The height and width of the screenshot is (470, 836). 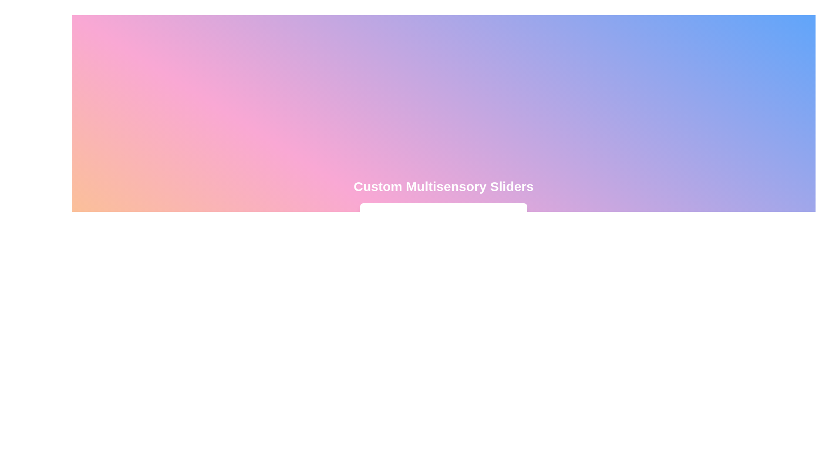 What do you see at coordinates (376, 219) in the screenshot?
I see `the thermometer icon to interact with it` at bounding box center [376, 219].